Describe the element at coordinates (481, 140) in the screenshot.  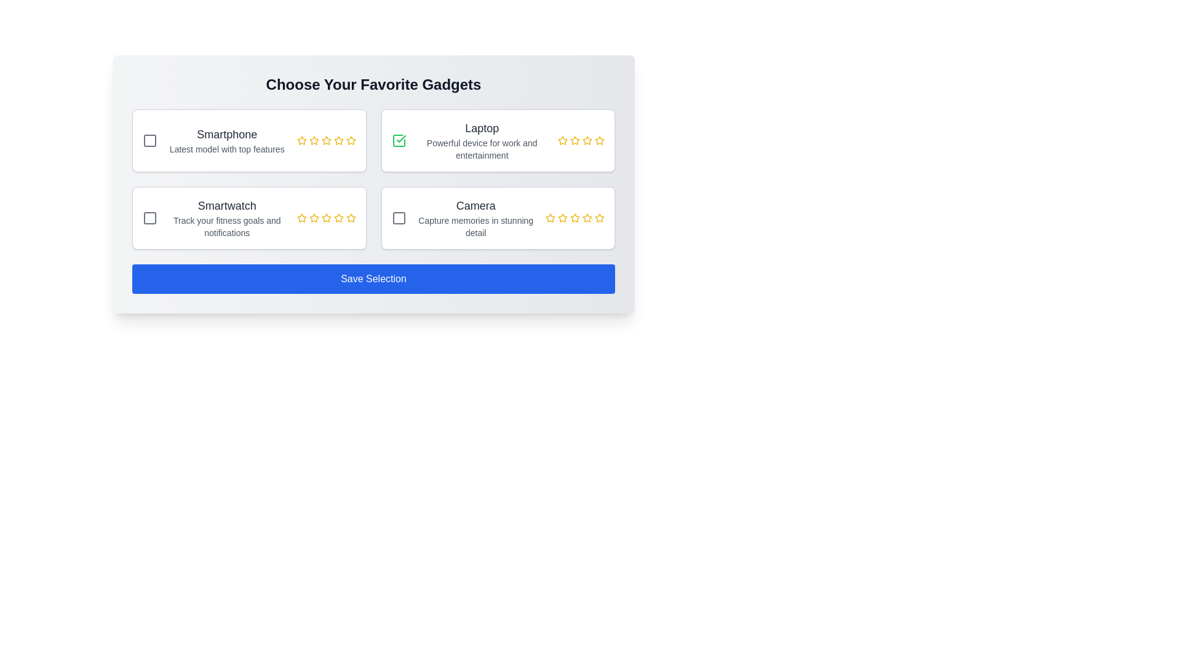
I see `title 'Laptop' and the description 'Powerful device for work and entertainment' from the TextBlock located in the top-right box of the gadget options grid` at that location.